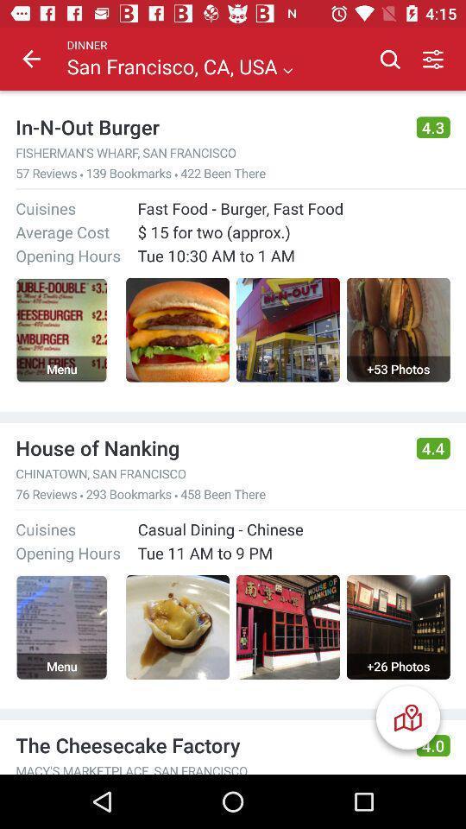  I want to click on item below the 15 for two, so click(216, 255).